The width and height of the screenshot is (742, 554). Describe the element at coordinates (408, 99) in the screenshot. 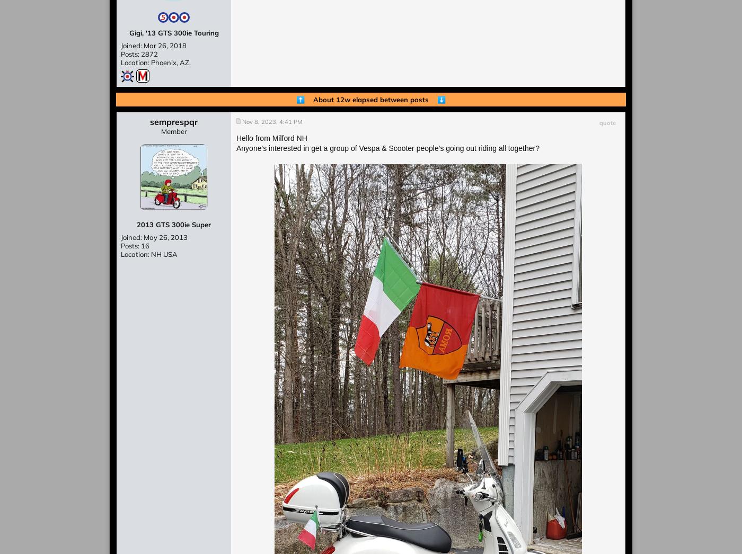

I see `'between posts'` at that location.